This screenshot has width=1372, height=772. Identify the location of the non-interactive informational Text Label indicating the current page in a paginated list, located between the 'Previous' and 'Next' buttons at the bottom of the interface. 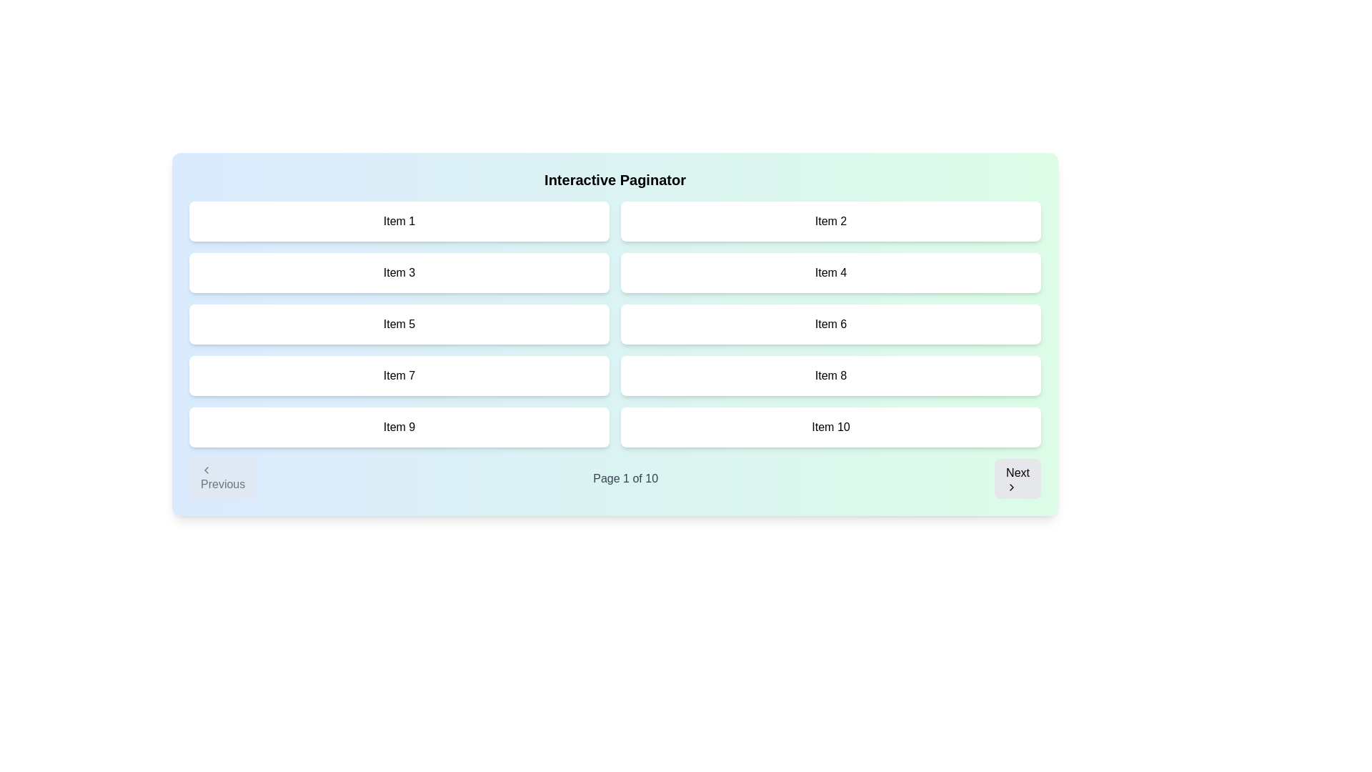
(625, 479).